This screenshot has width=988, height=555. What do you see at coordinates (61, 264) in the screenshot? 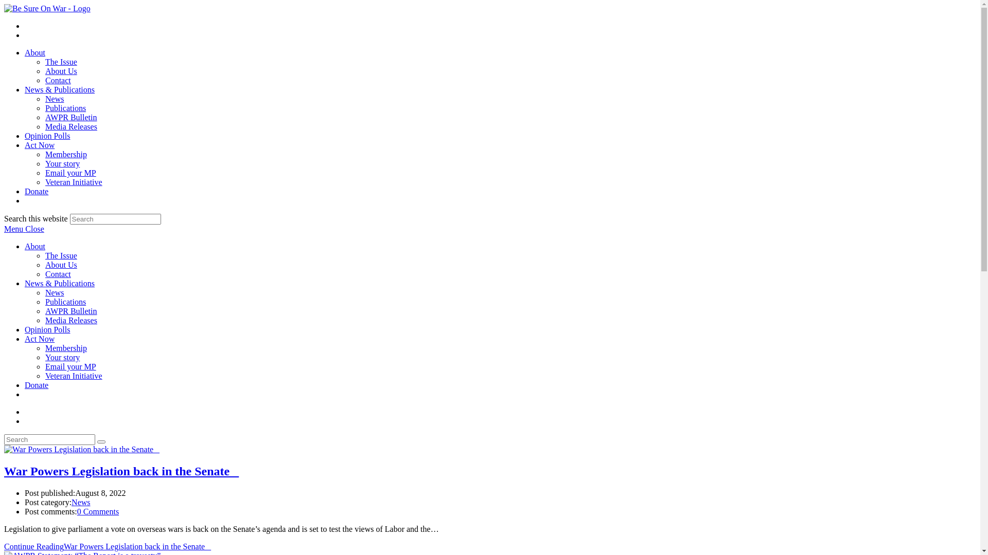
I see `'About Us'` at bounding box center [61, 264].